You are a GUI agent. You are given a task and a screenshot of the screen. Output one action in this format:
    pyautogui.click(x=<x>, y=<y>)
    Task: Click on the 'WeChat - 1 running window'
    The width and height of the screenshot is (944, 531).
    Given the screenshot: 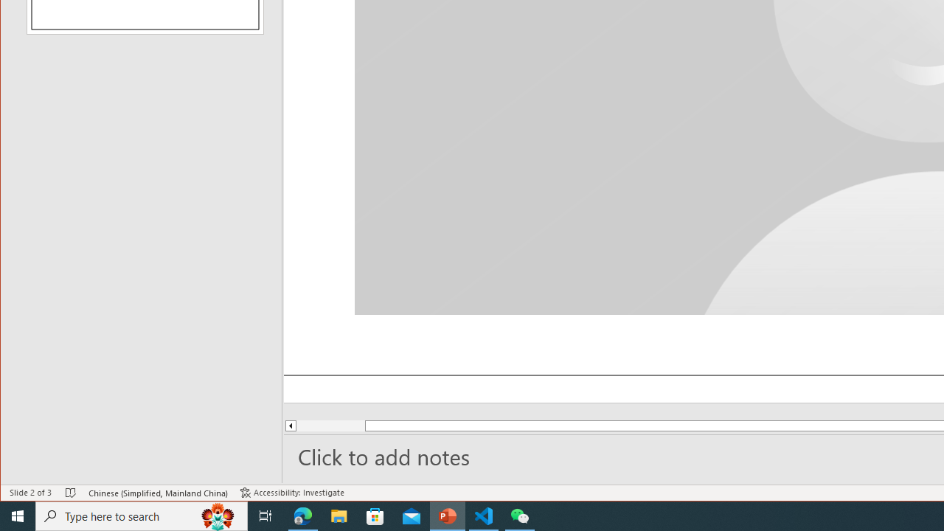 What is the action you would take?
    pyautogui.click(x=520, y=515)
    